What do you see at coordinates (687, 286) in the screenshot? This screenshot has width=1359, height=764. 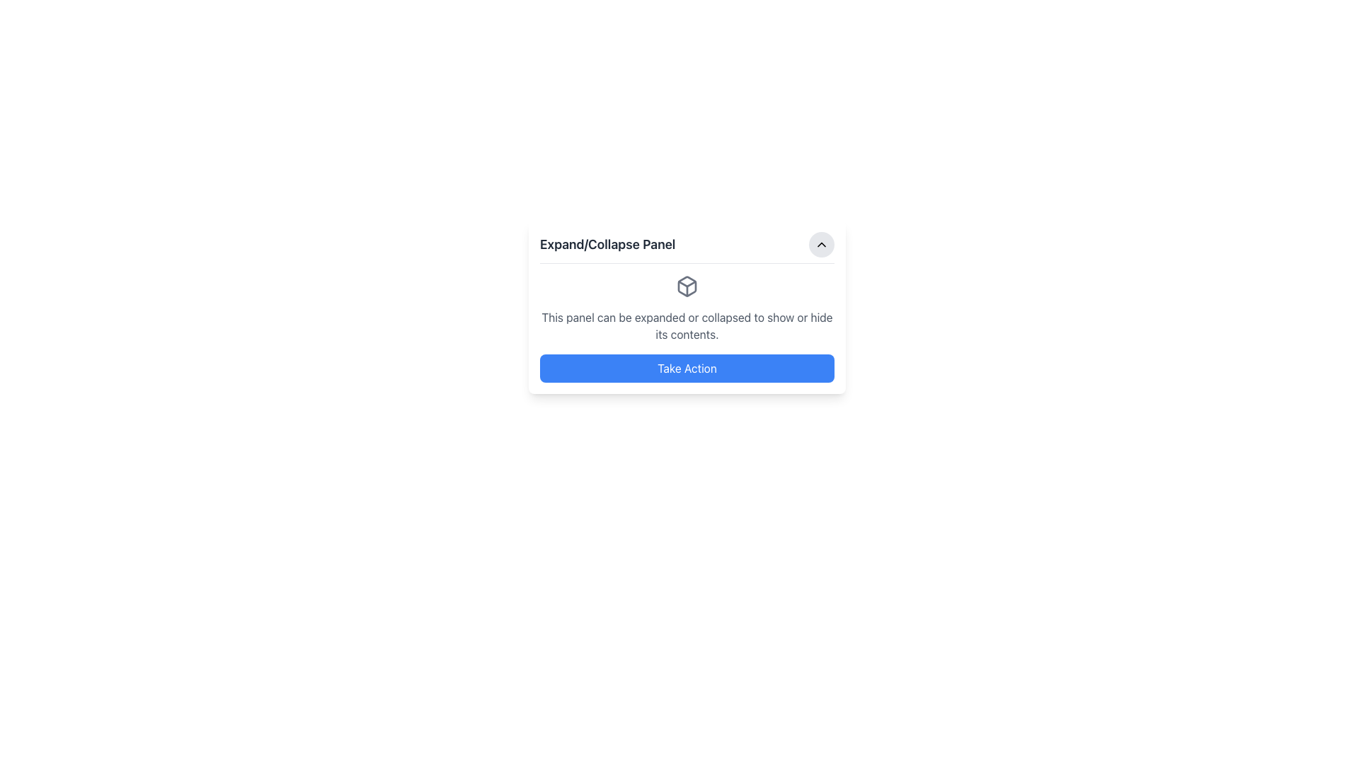 I see `the storage-related icon located at the top of the panel, just above the descriptive text and centered horizontally` at bounding box center [687, 286].